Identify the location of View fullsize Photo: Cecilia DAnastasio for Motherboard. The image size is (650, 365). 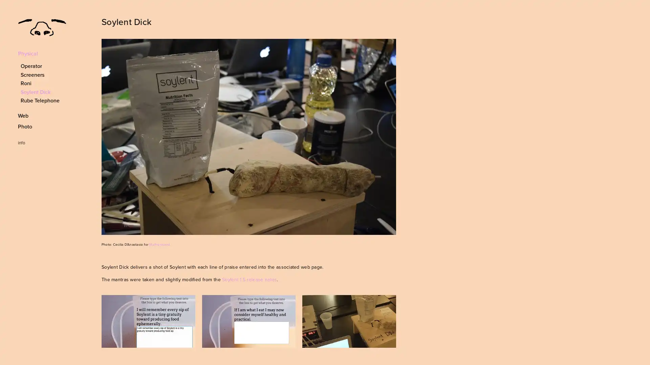
(248, 137).